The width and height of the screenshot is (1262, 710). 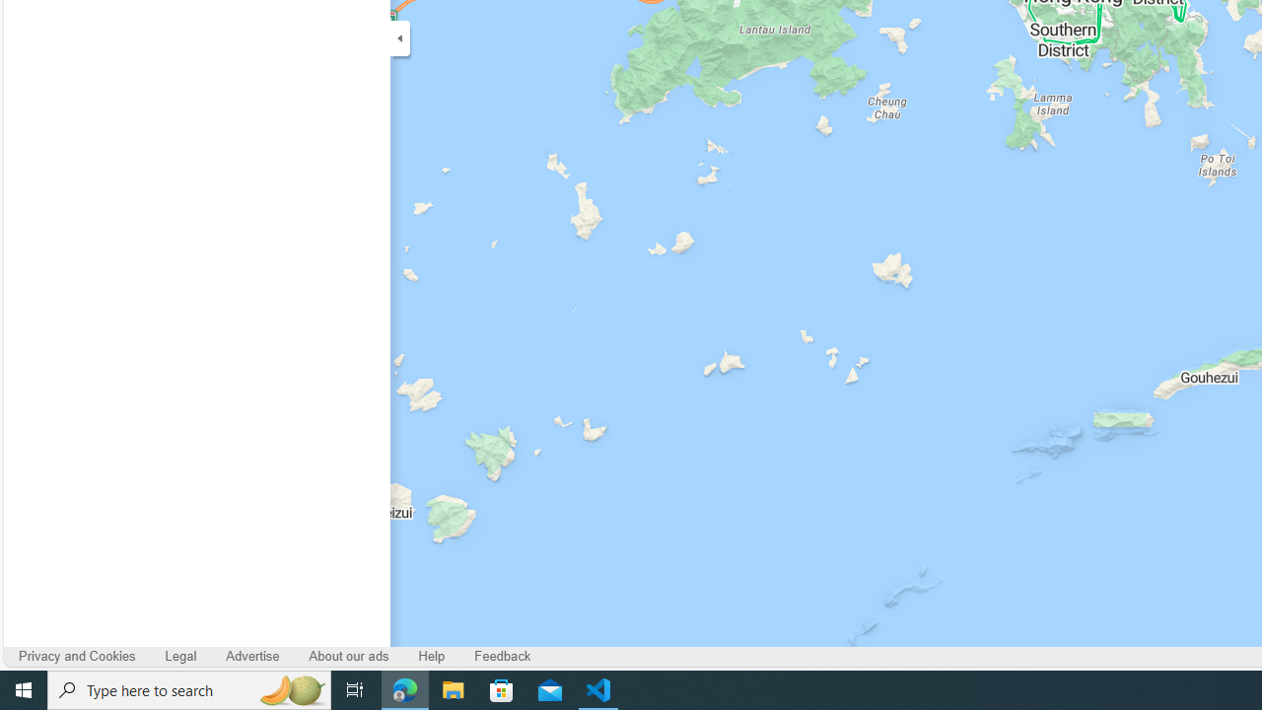 I want to click on 'Advertise', so click(x=251, y=657).